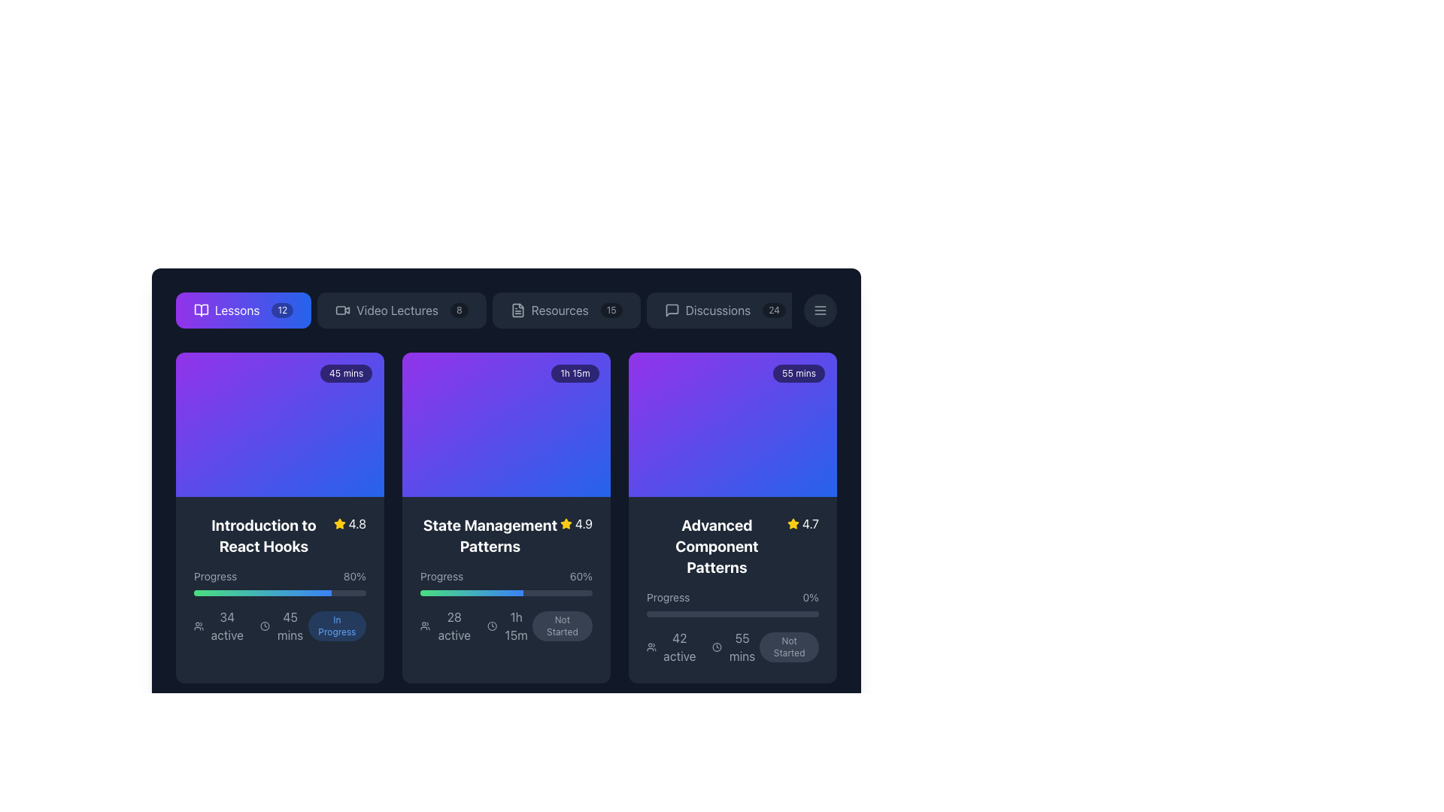  I want to click on the title text label for 'State Management Patterns' located in the middle card of a three-card grid, which is positioned underneath a purple header and above the progress bar section, so click(490, 535).